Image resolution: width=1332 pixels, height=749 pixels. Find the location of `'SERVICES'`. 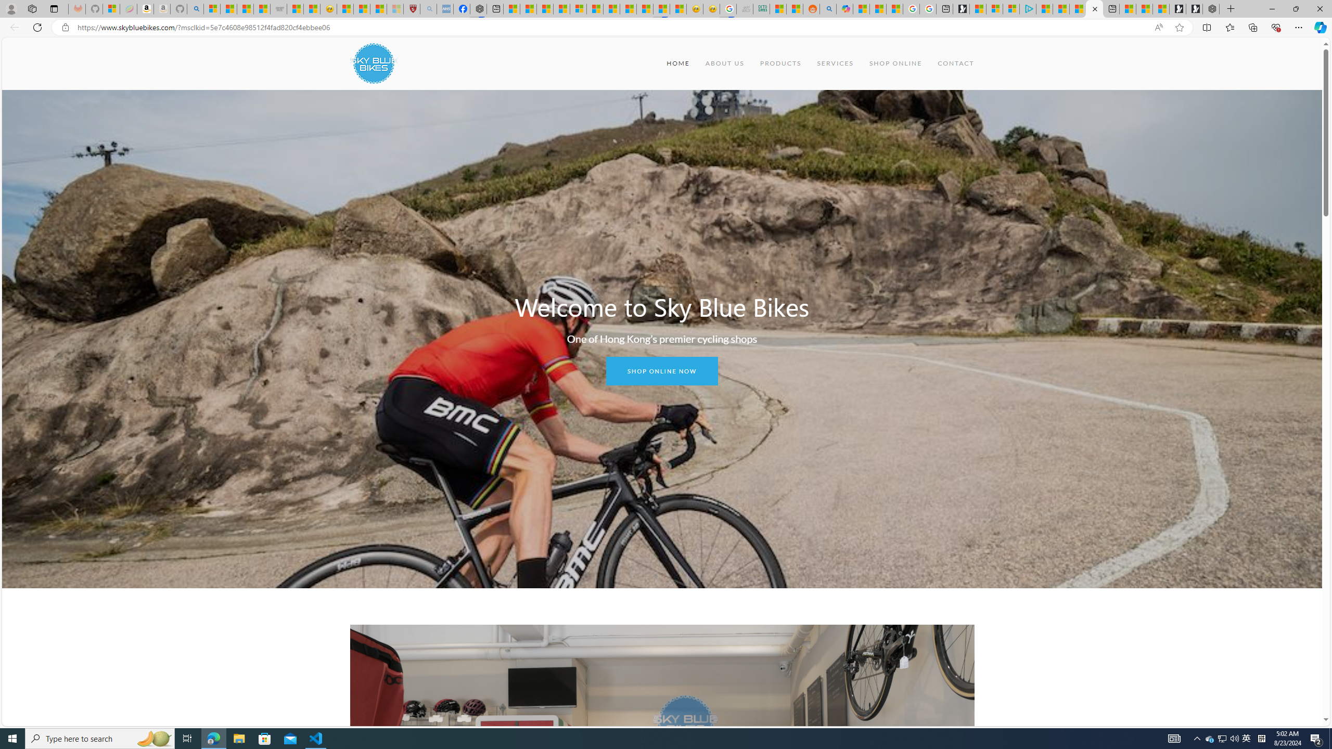

'SERVICES' is located at coordinates (835, 62).